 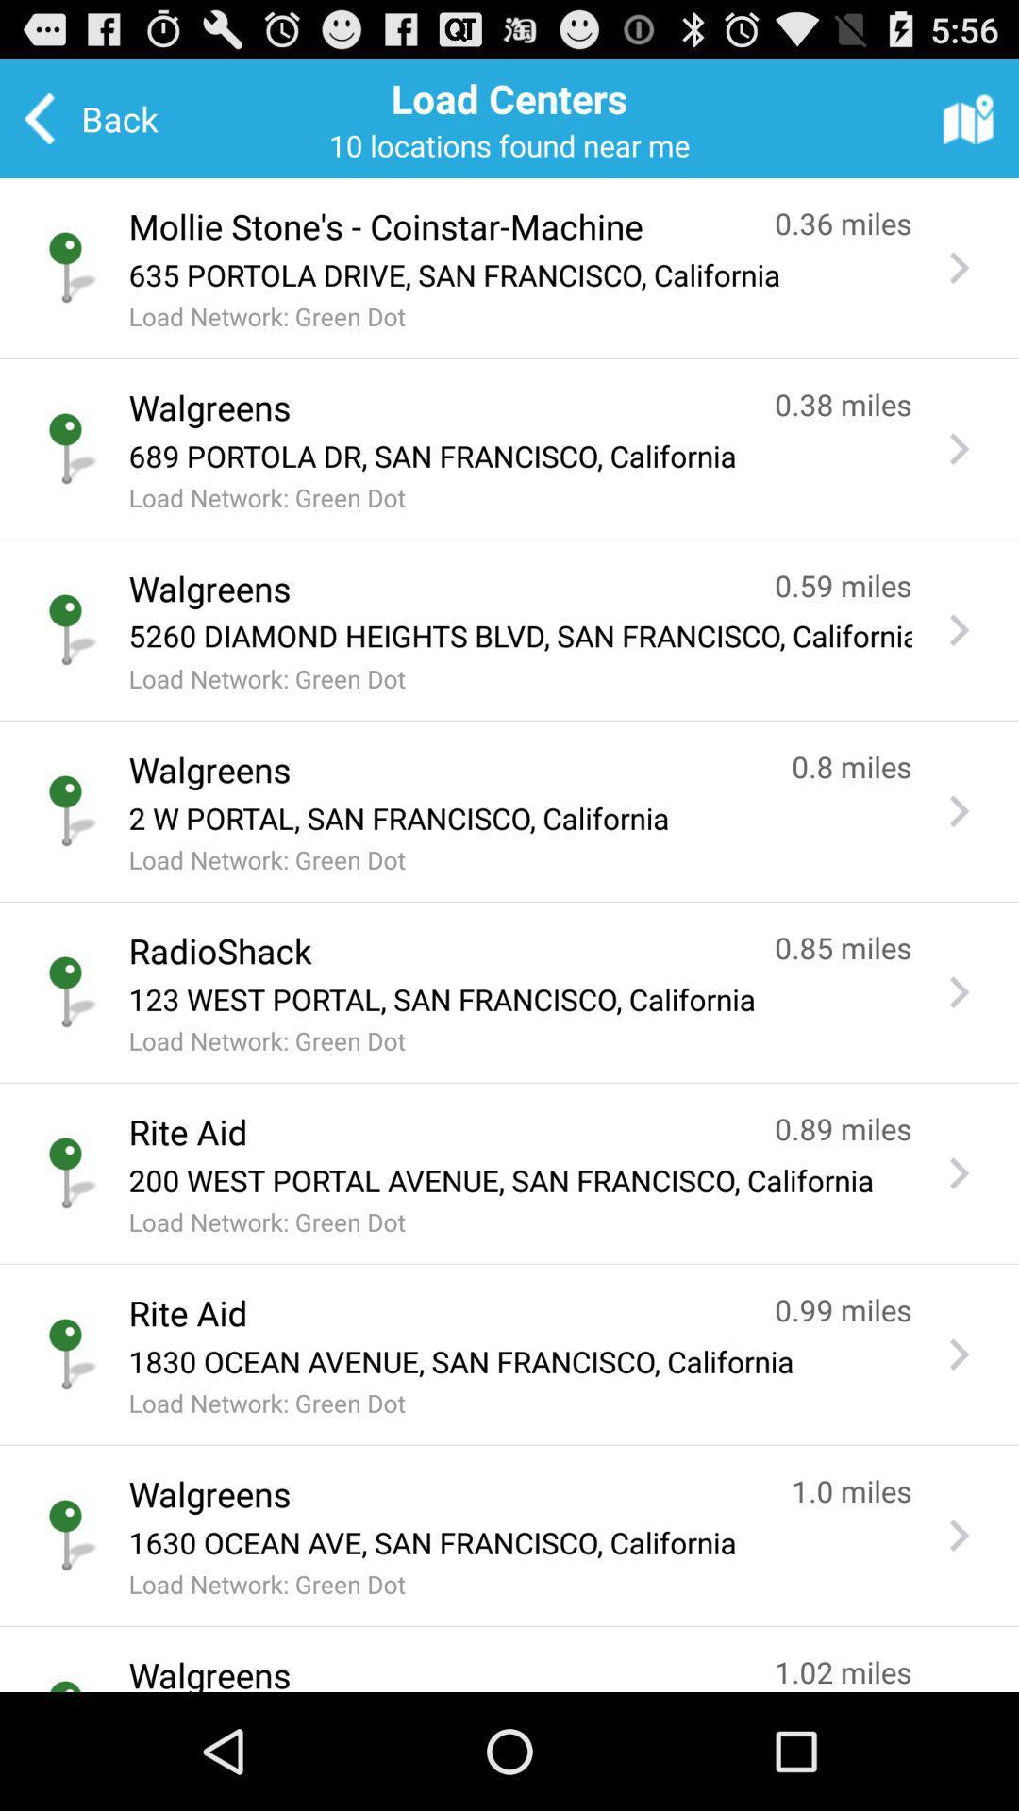 I want to click on radioshack icon, so click(x=433, y=951).